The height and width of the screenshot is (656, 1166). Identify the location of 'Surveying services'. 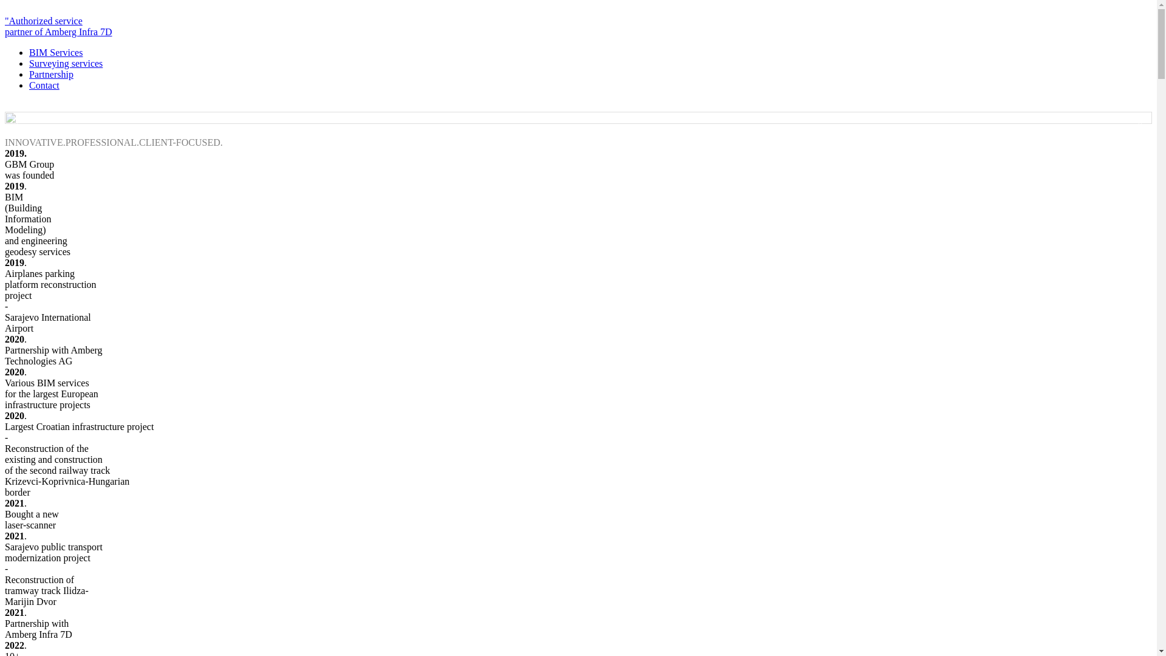
(65, 63).